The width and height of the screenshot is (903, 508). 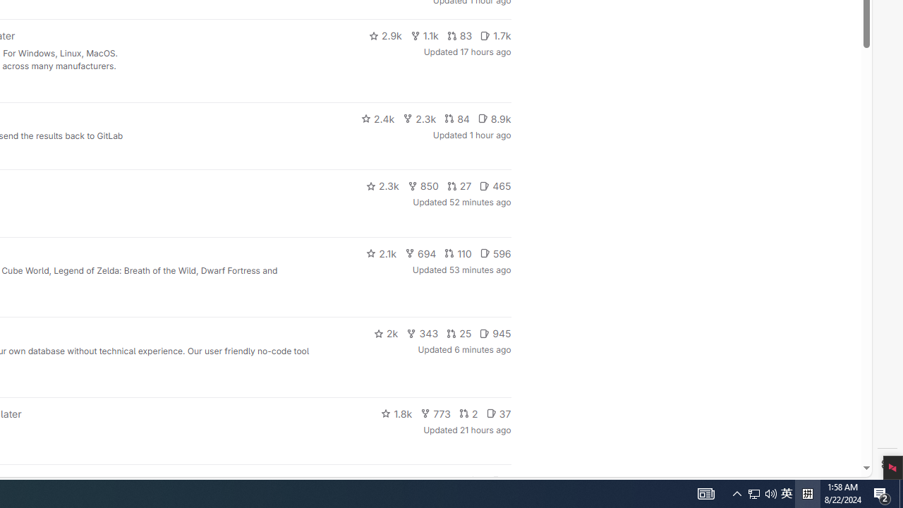 I want to click on '110', so click(x=458, y=252).